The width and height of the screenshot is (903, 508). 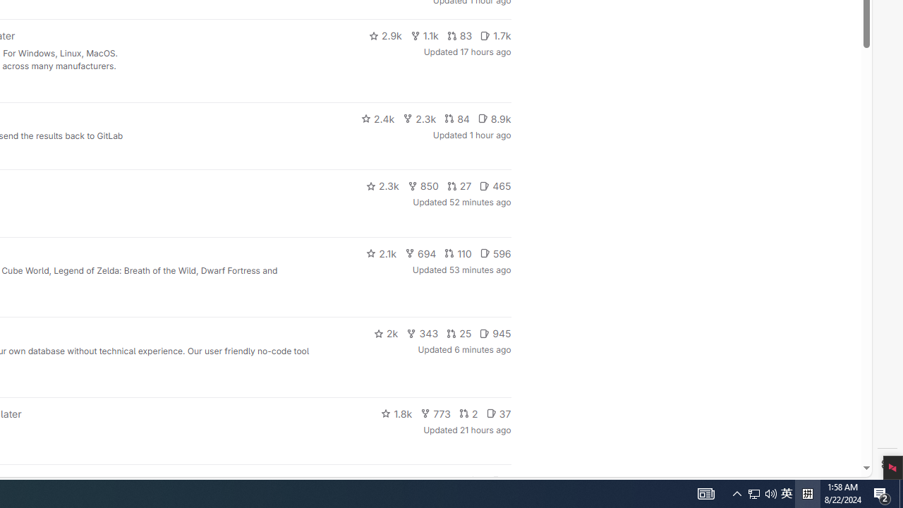 I want to click on '110', so click(x=458, y=252).